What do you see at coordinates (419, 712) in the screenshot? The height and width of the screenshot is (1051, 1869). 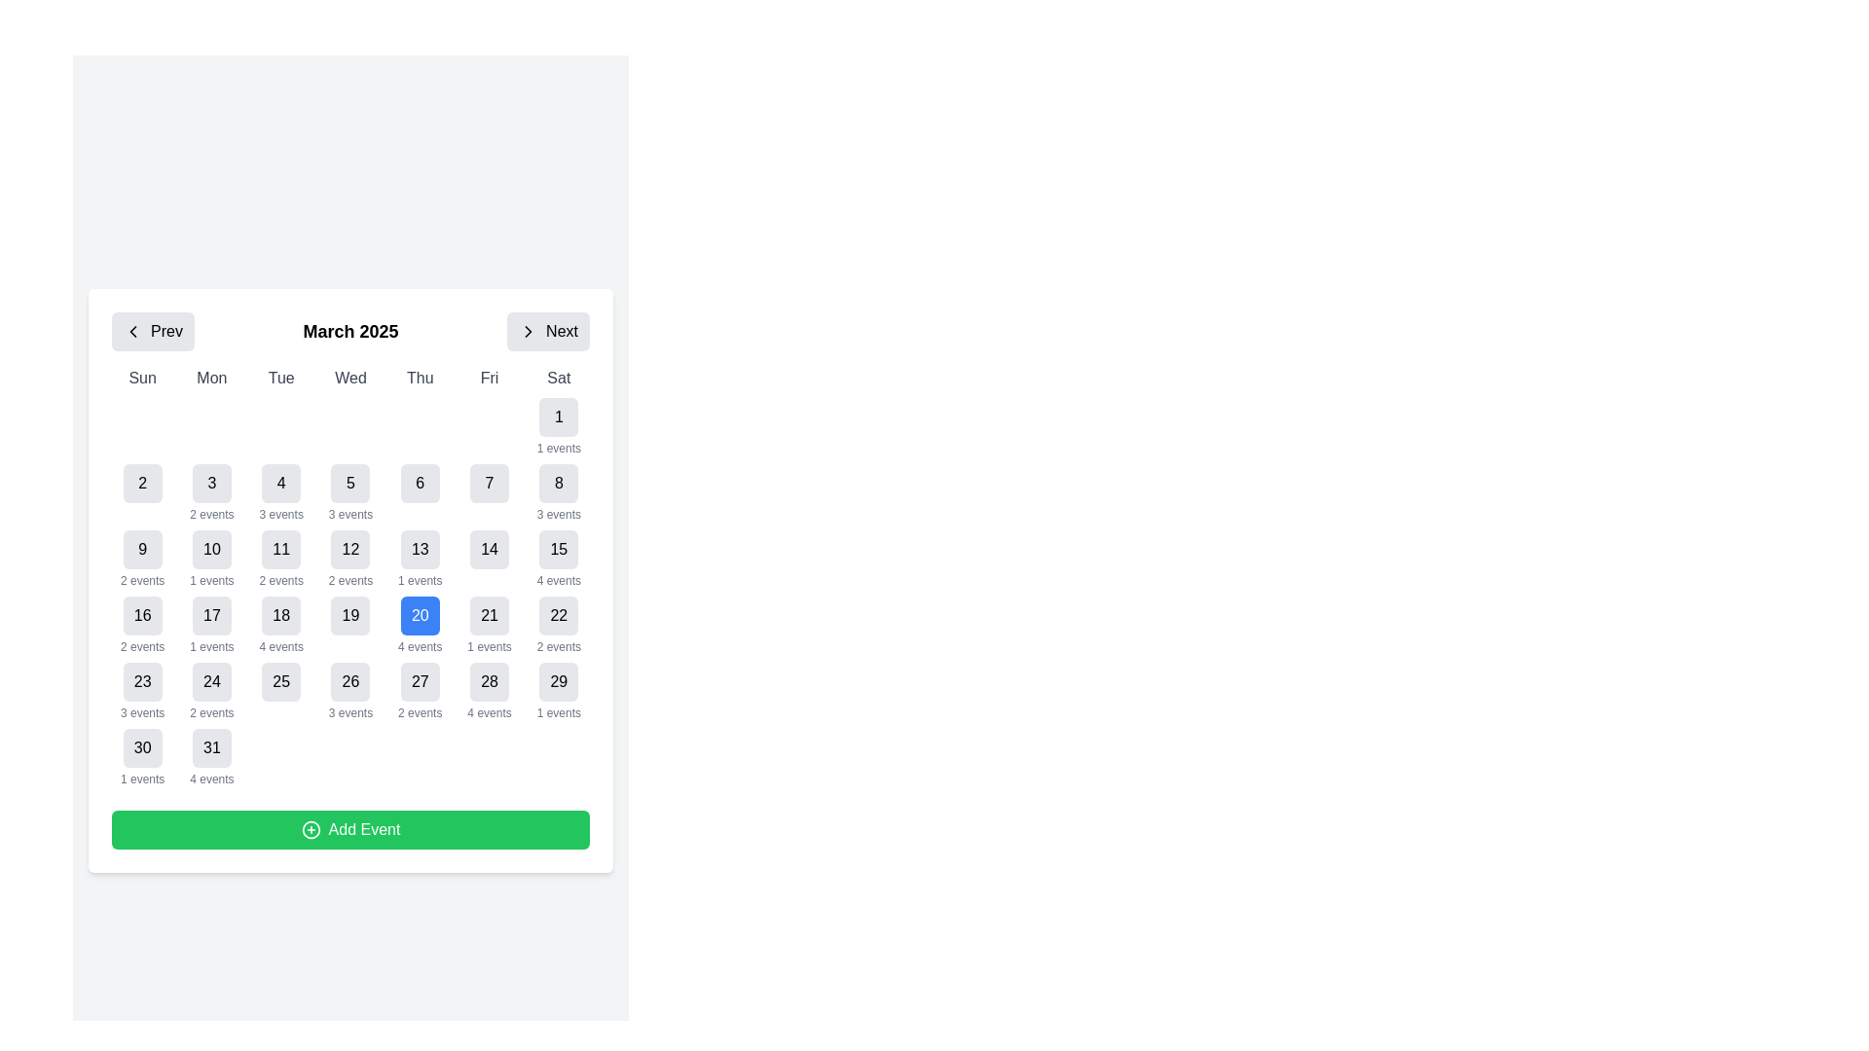 I see `the informational text label that displays the number of events associated with the date 27, located centrally beneath the cell labeled with the number '27' in the calendar interface` at bounding box center [419, 712].